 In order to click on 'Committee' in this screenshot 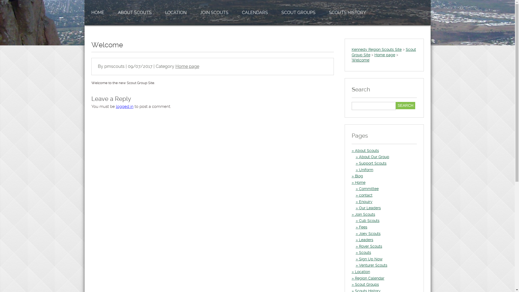, I will do `click(367, 188)`.